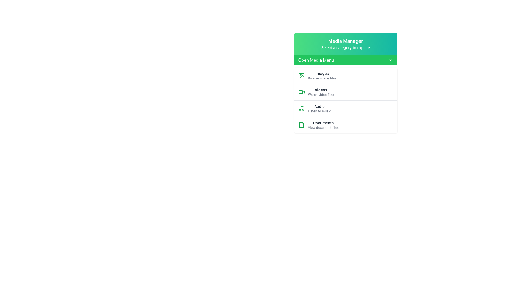 The height and width of the screenshot is (291, 517). What do you see at coordinates (345, 100) in the screenshot?
I see `the third list item in the 'Media Manager' section` at bounding box center [345, 100].